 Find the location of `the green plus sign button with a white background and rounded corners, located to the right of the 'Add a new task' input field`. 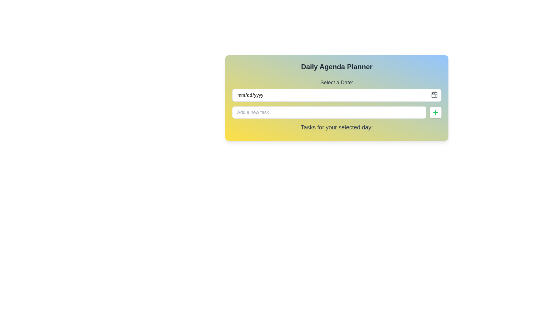

the green plus sign button with a white background and rounded corners, located to the right of the 'Add a new task' input field is located at coordinates (435, 112).